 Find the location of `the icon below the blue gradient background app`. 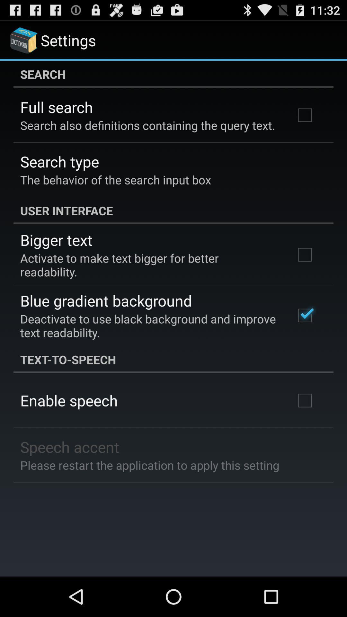

the icon below the blue gradient background app is located at coordinates (149, 326).